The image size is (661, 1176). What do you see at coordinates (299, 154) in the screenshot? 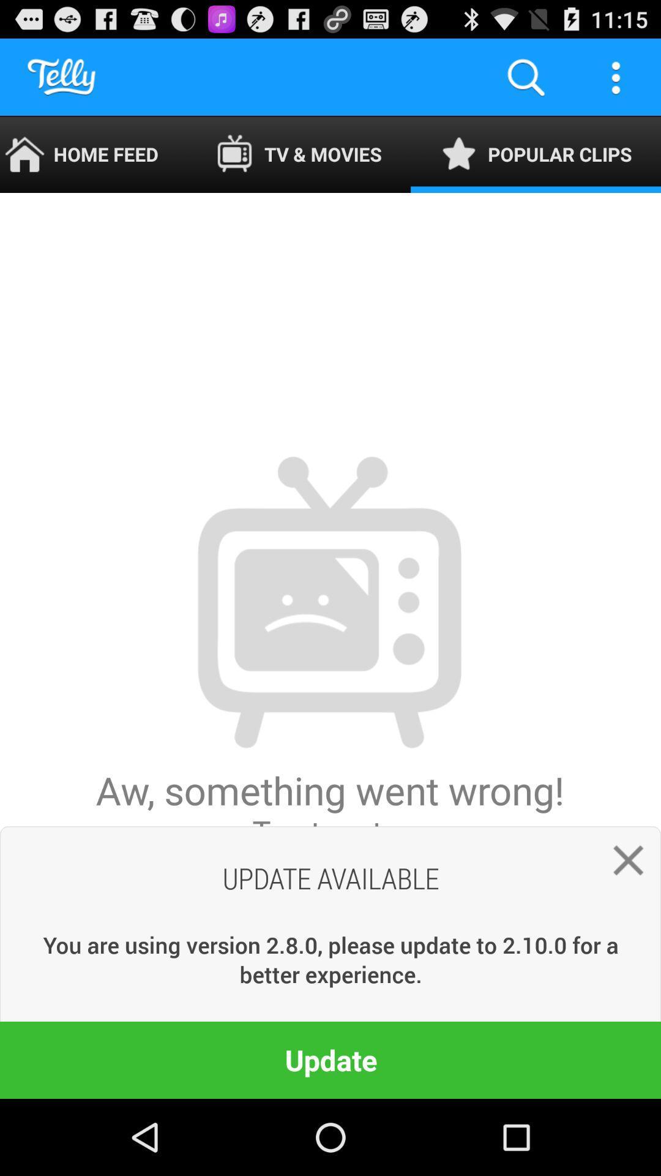
I see `the item to the right of the home feed` at bounding box center [299, 154].